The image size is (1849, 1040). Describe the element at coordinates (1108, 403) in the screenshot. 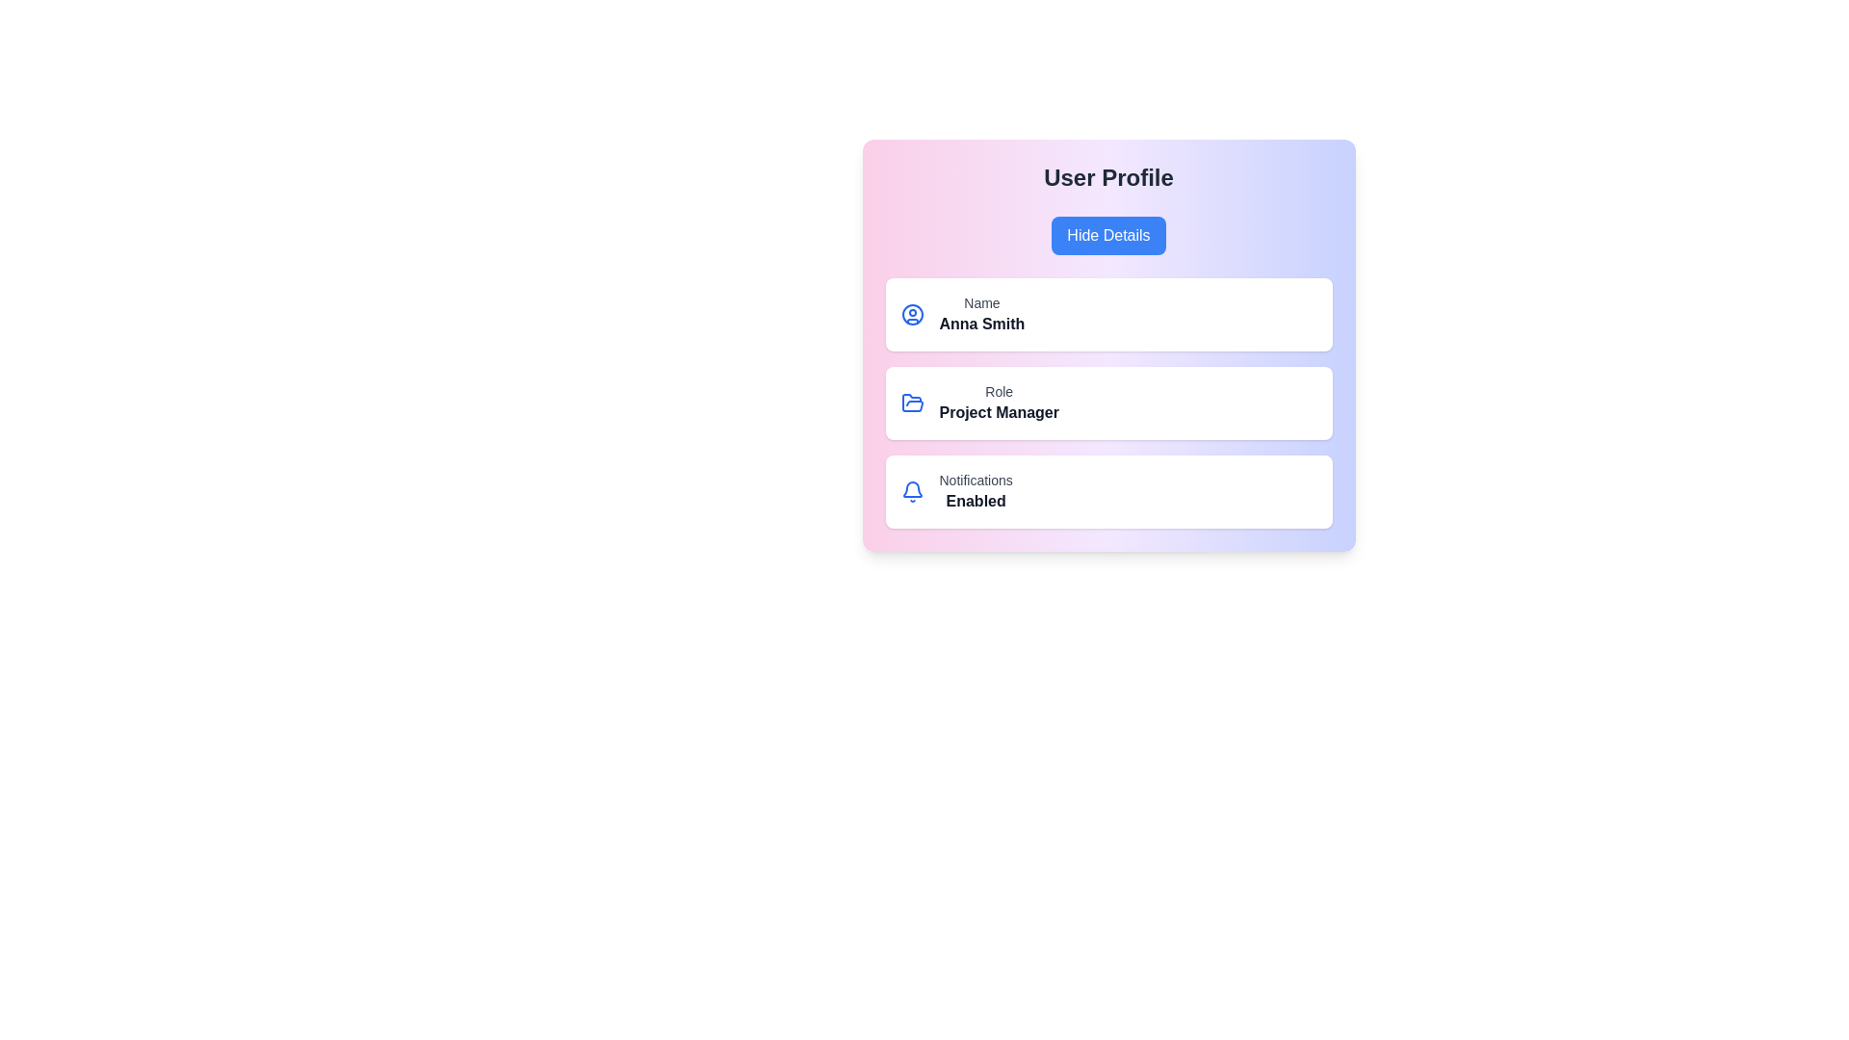

I see `the informational display card showing the user's role and job title 'Project Manager', which is positioned in the User Profile panel between 'Name' and 'Notifications'` at that location.